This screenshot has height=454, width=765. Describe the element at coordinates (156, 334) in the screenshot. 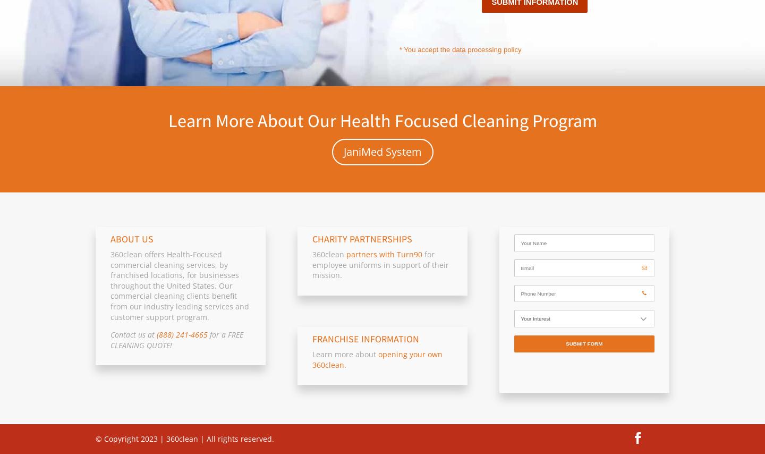

I see `'(888) 241-4665'` at that location.